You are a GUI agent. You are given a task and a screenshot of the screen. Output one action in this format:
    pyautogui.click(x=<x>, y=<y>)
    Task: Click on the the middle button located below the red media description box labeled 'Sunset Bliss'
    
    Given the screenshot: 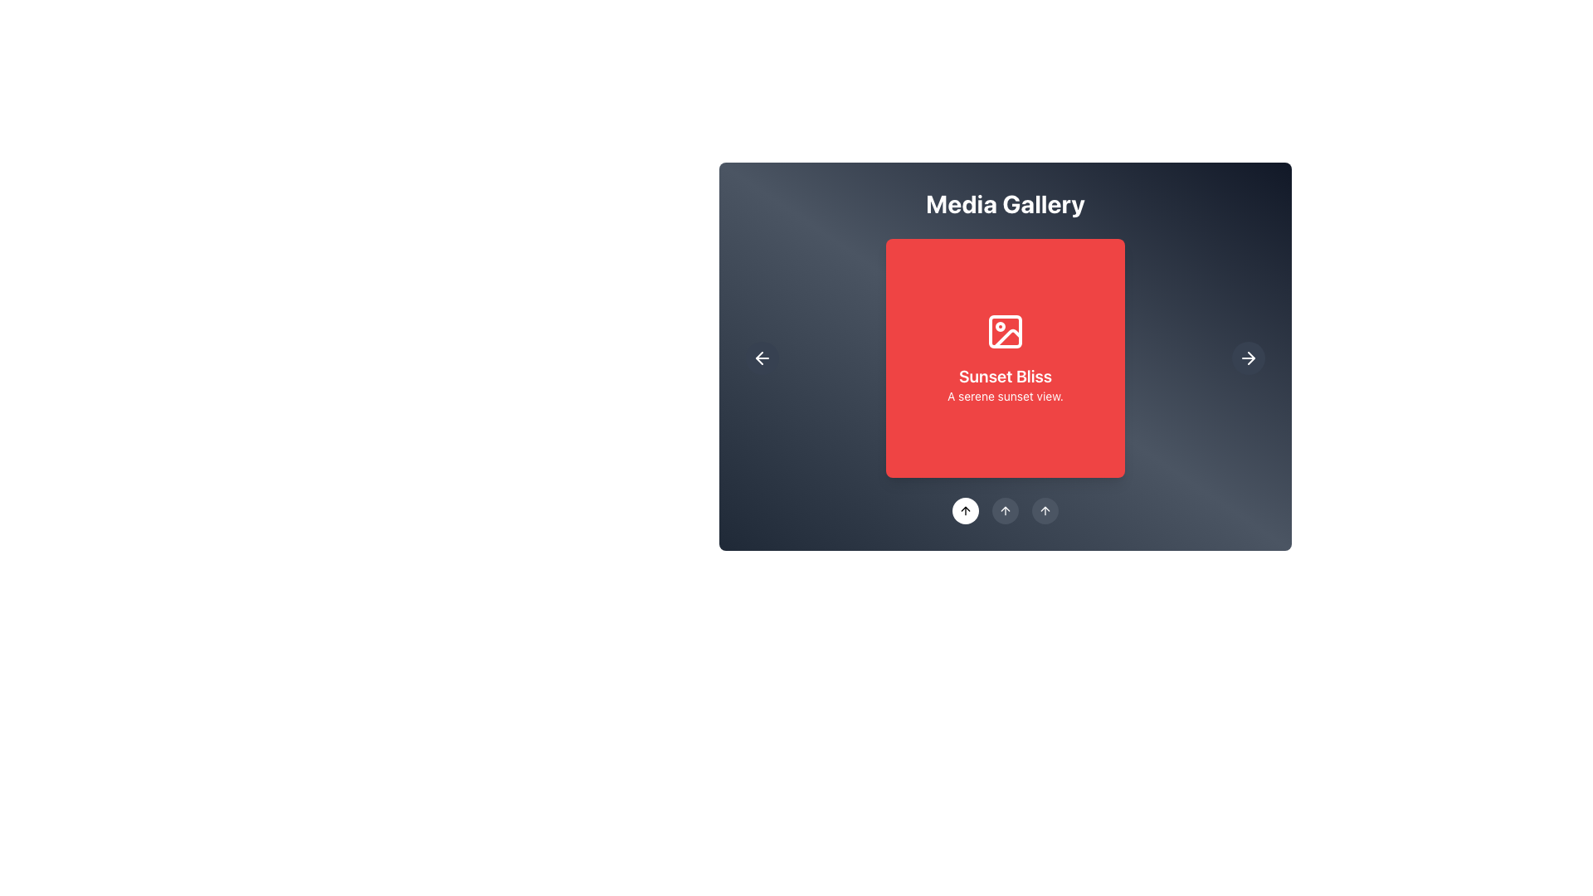 What is the action you would take?
    pyautogui.click(x=1004, y=510)
    